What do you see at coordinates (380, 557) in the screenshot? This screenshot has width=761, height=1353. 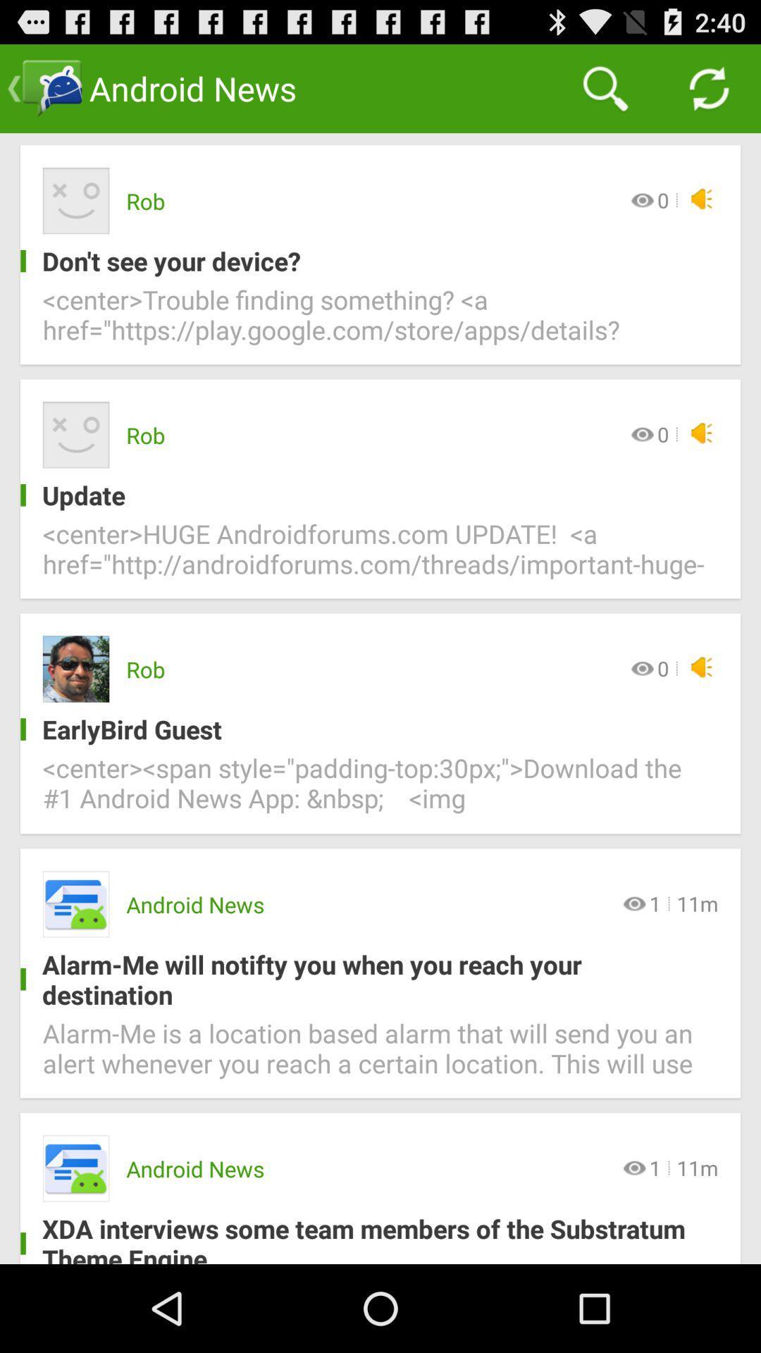 I see `the center huge androidforums item` at bounding box center [380, 557].